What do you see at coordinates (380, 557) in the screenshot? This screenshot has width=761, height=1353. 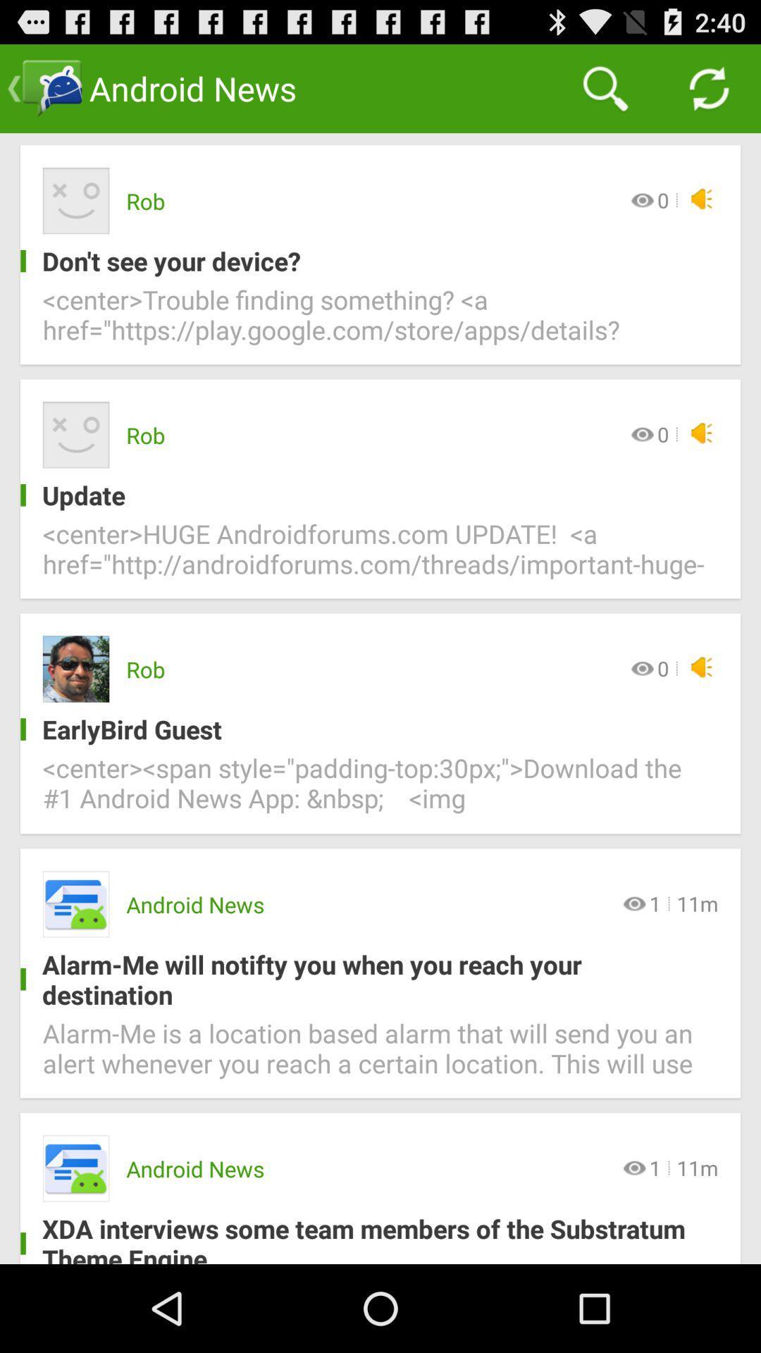 I see `the center huge androidforums item` at bounding box center [380, 557].